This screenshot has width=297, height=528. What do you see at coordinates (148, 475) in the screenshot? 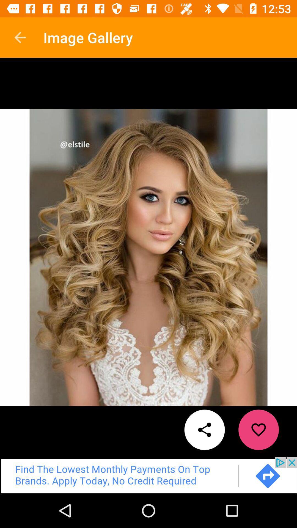
I see `previous` at bounding box center [148, 475].